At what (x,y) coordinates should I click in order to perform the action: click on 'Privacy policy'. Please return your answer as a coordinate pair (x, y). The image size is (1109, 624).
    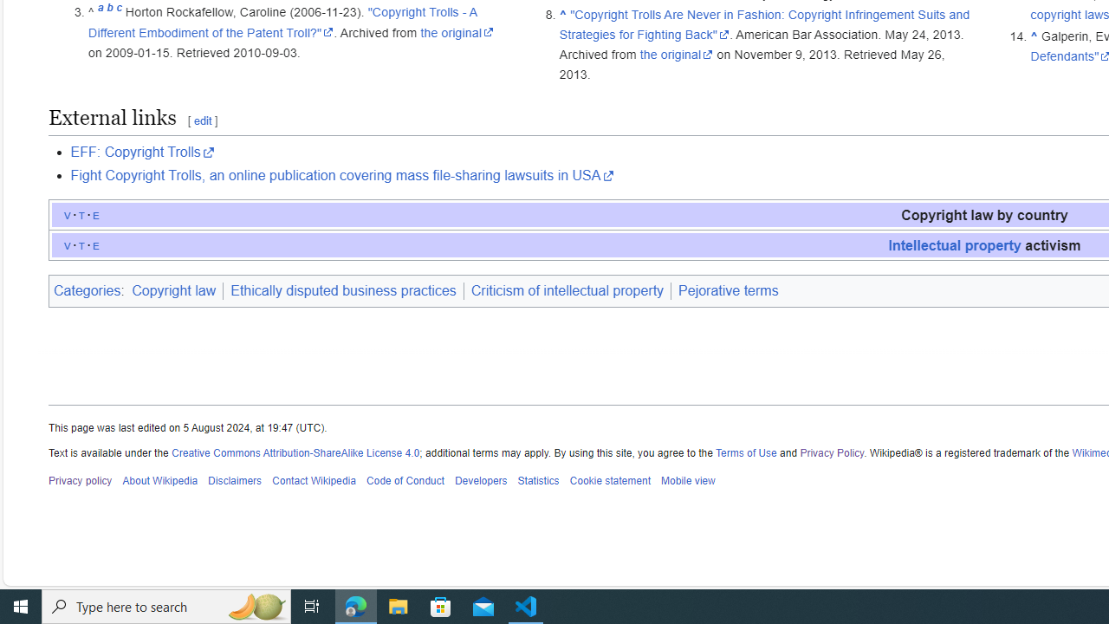
    Looking at the image, I should click on (80, 481).